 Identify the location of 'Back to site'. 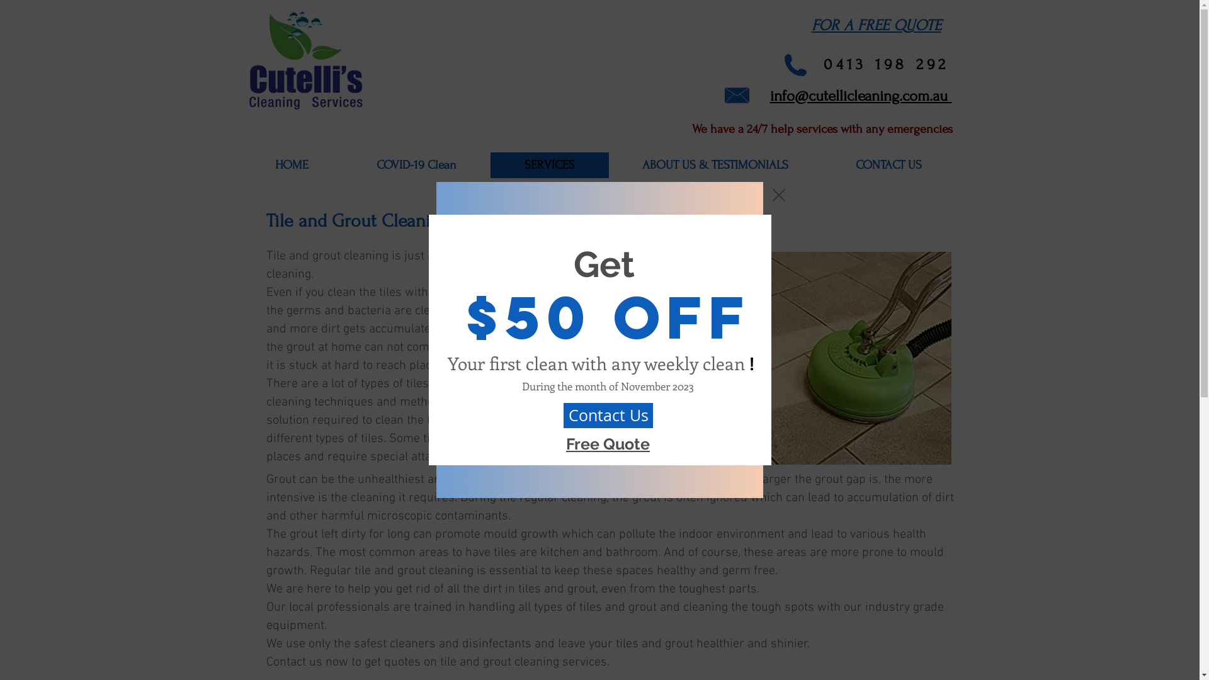
(778, 195).